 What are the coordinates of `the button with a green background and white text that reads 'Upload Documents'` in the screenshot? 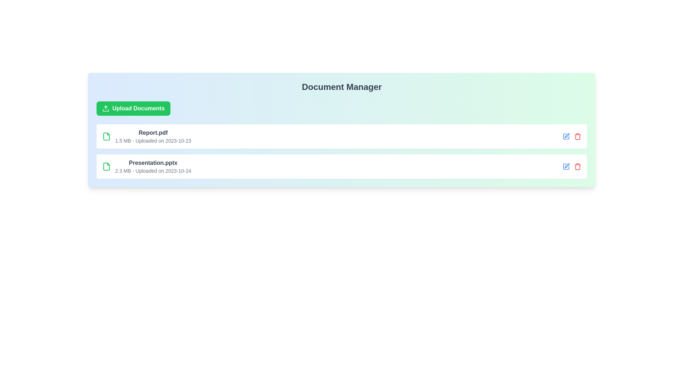 It's located at (133, 109).